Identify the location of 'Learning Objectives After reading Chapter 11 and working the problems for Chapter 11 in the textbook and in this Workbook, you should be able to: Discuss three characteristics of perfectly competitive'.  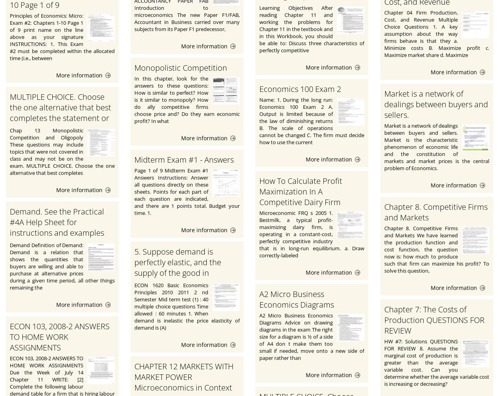
(311, 29).